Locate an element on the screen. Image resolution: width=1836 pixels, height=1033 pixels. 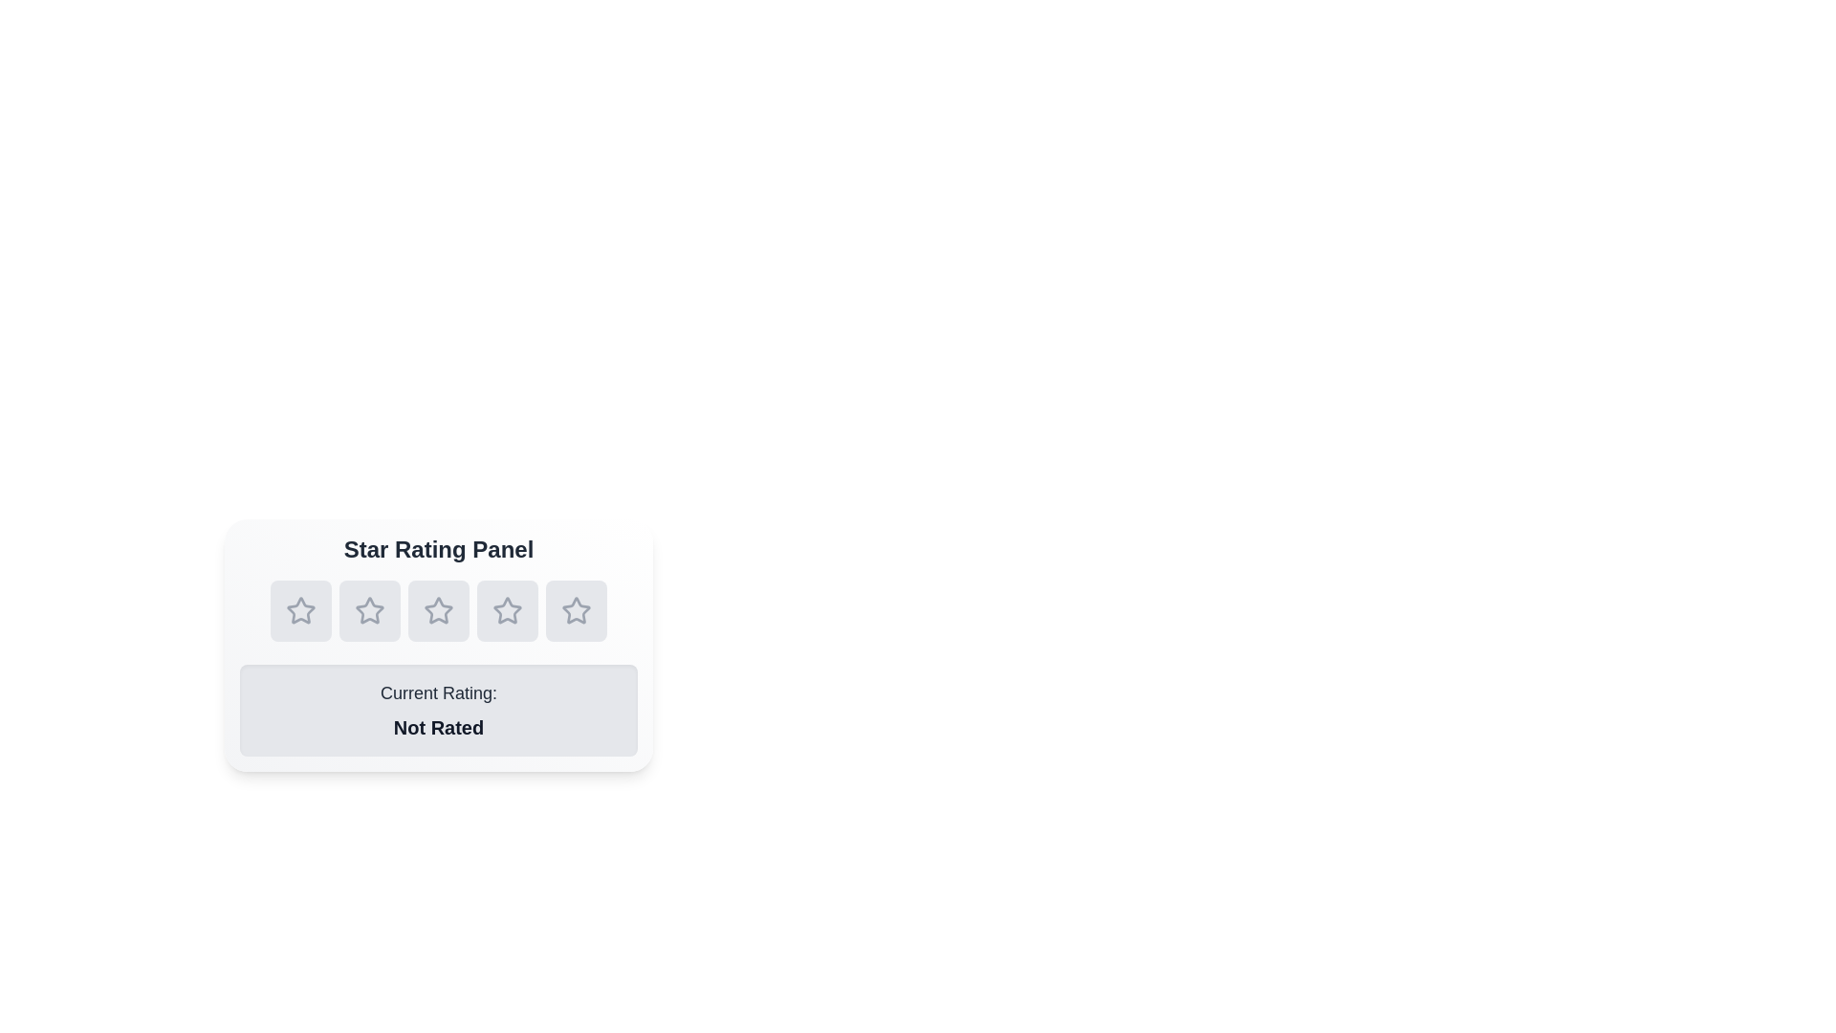
the 'Not Rated' text label, which is bold and large, centered in a light-gray background, located towards the bottom of a card-like component following the 'Current Rating:' label is located at coordinates (438, 727).